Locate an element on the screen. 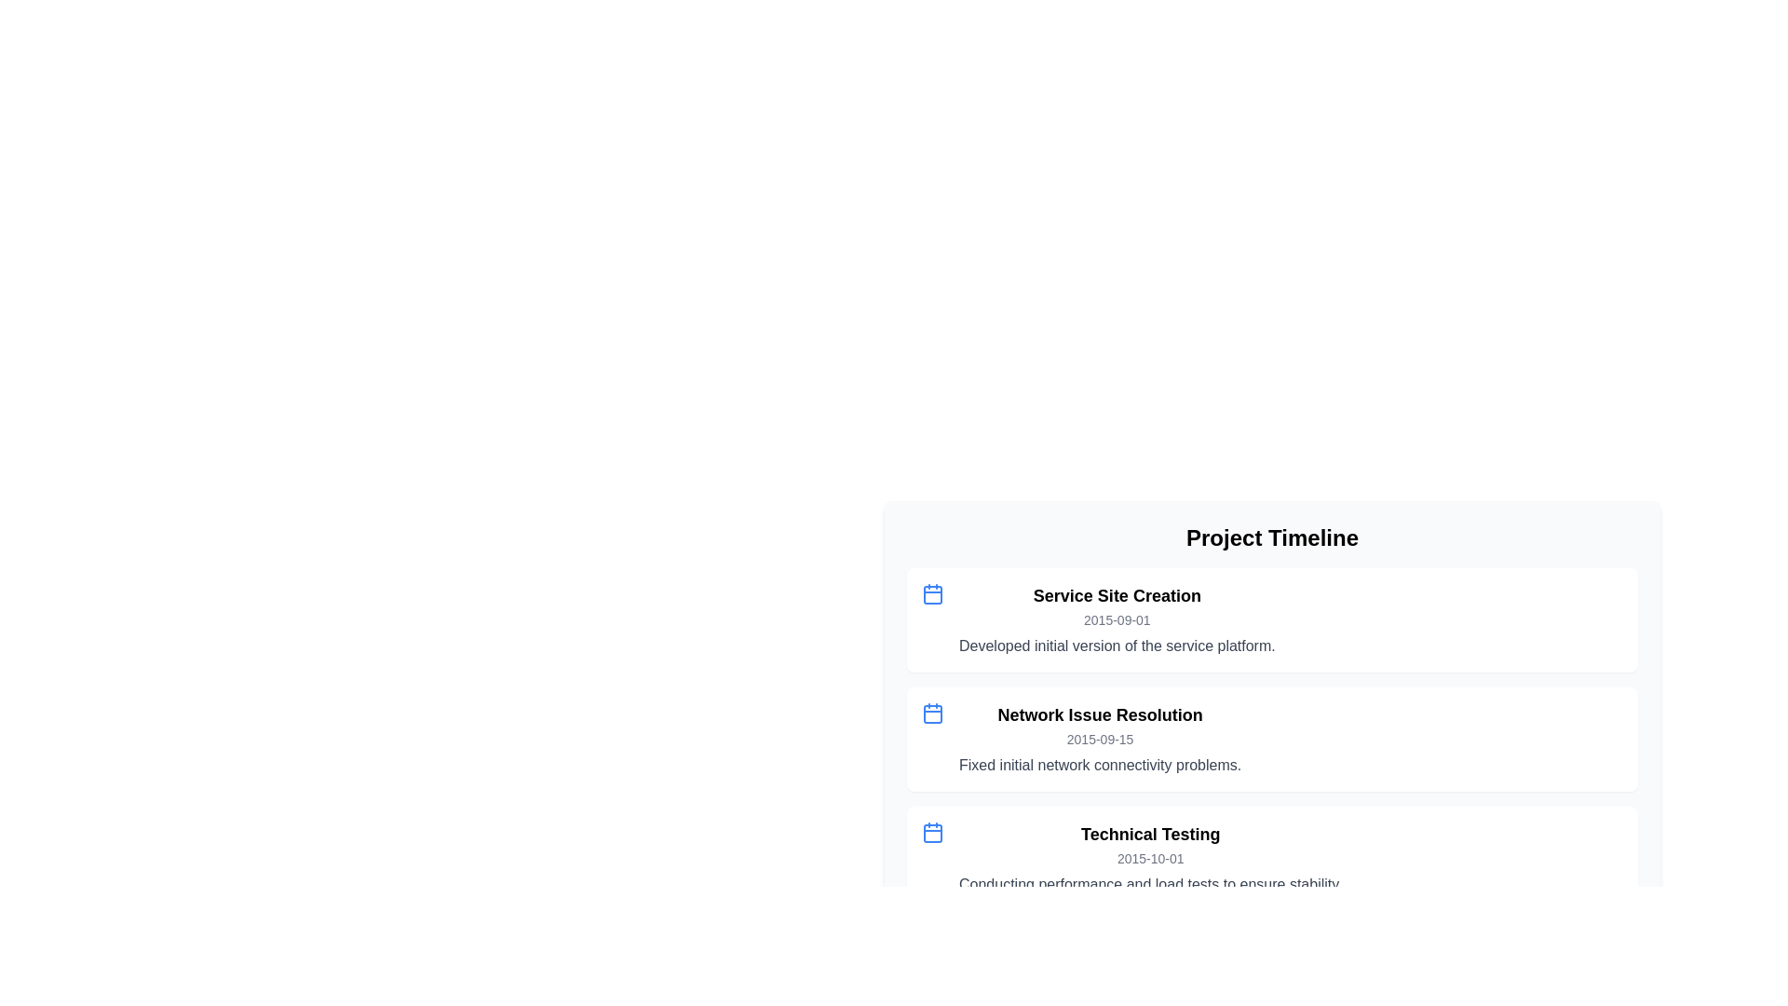 This screenshot has width=1788, height=1006. title 'Network Issue Resolution' of the second timeline entry, which is located between 'Service Site Creation' and 'Technical Testing' is located at coordinates (1100, 714).